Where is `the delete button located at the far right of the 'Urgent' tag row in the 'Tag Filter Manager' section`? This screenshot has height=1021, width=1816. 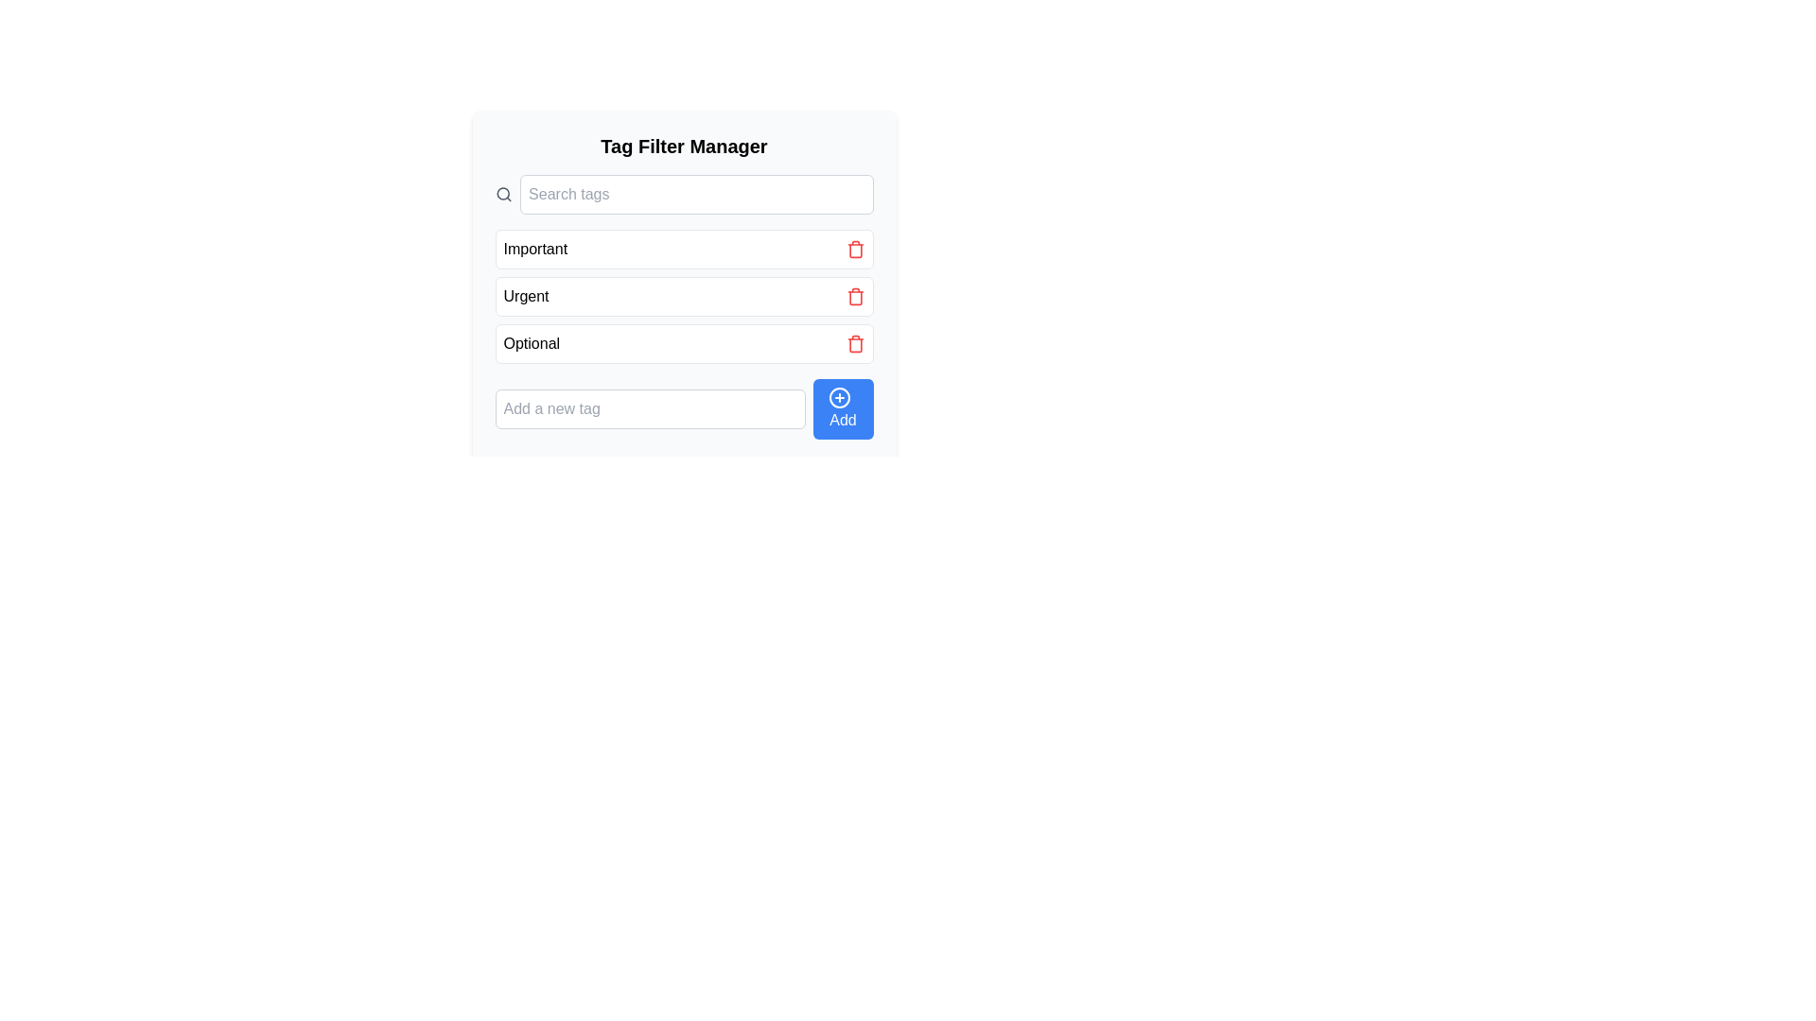
the delete button located at the far right of the 'Urgent' tag row in the 'Tag Filter Manager' section is located at coordinates (854, 296).